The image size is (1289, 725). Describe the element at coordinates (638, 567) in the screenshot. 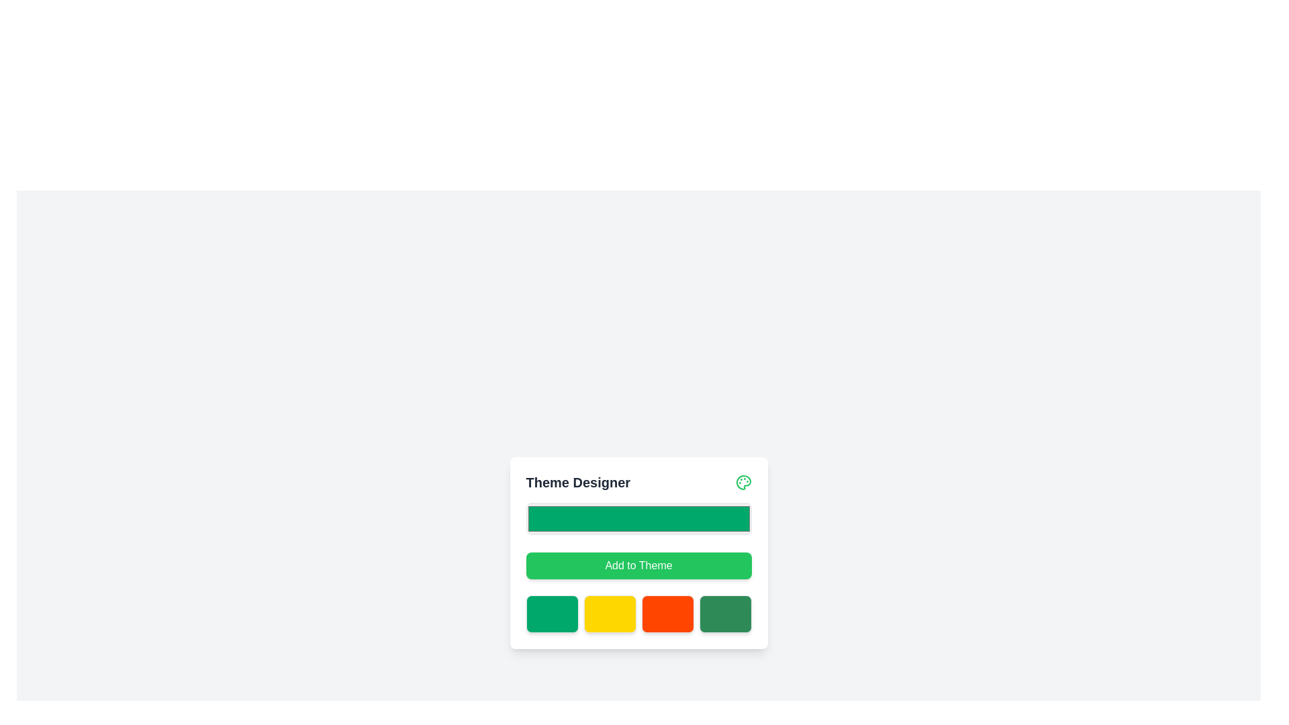

I see `the green 'Add to Theme' button with rounded corners` at that location.